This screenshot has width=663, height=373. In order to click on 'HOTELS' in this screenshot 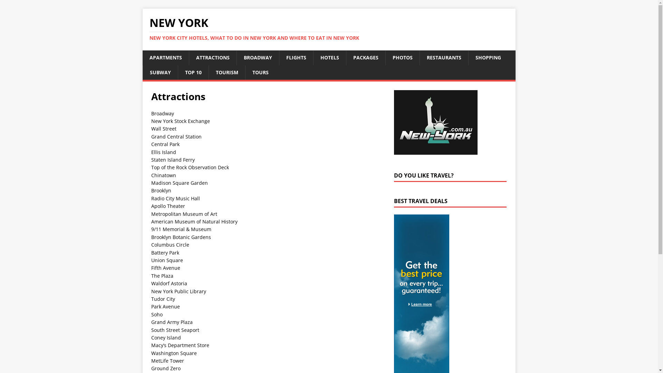, I will do `click(329, 57)`.